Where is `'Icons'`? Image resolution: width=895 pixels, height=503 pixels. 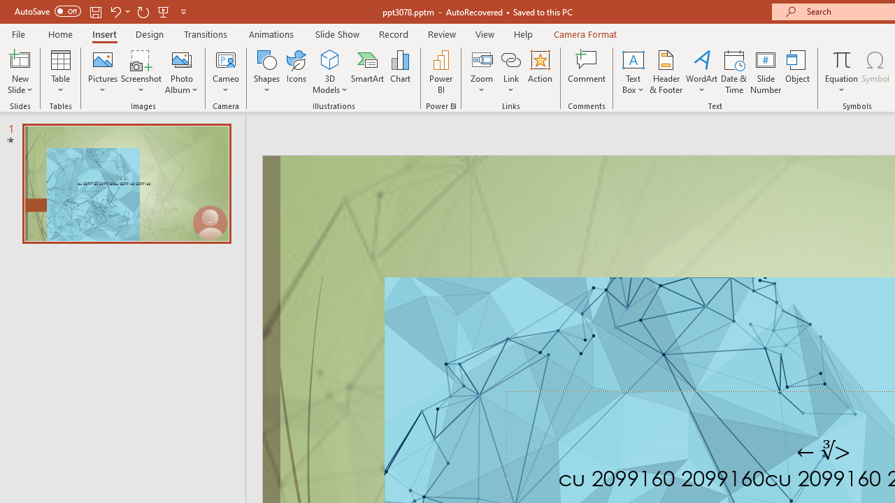 'Icons' is located at coordinates (296, 72).